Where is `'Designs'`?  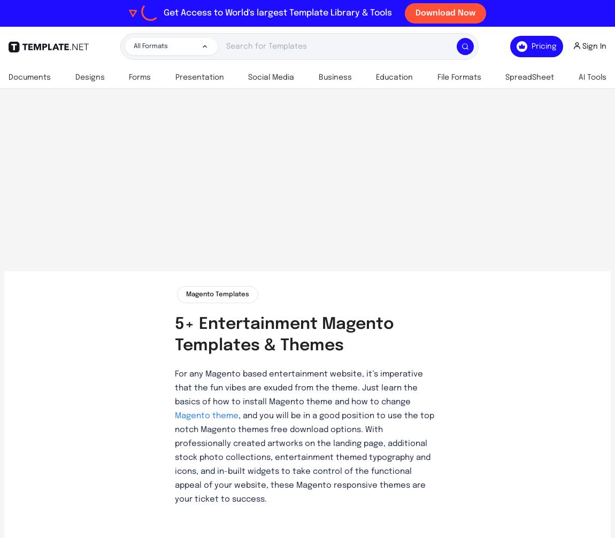
'Designs' is located at coordinates (89, 77).